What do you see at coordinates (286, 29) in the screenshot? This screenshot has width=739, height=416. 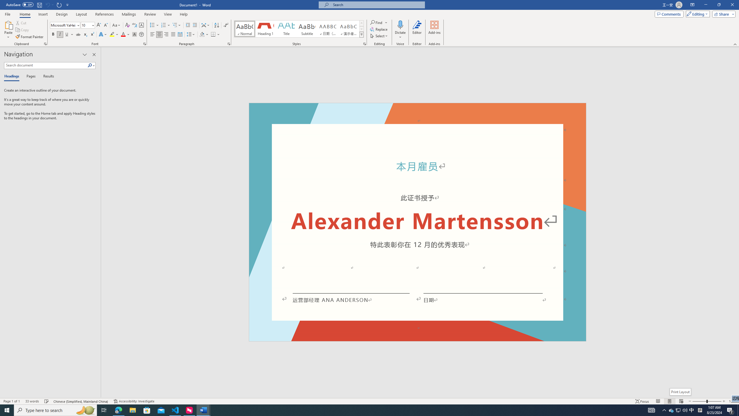 I see `'Title'` at bounding box center [286, 29].